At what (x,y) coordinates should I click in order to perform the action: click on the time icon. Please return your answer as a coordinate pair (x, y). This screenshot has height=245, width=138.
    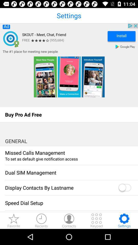
    Looking at the image, I should click on (41, 220).